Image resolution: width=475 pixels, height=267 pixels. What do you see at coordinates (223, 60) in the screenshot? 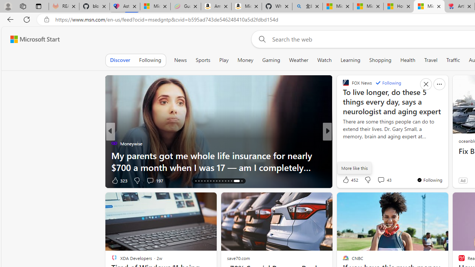
I see `'Play'` at bounding box center [223, 60].